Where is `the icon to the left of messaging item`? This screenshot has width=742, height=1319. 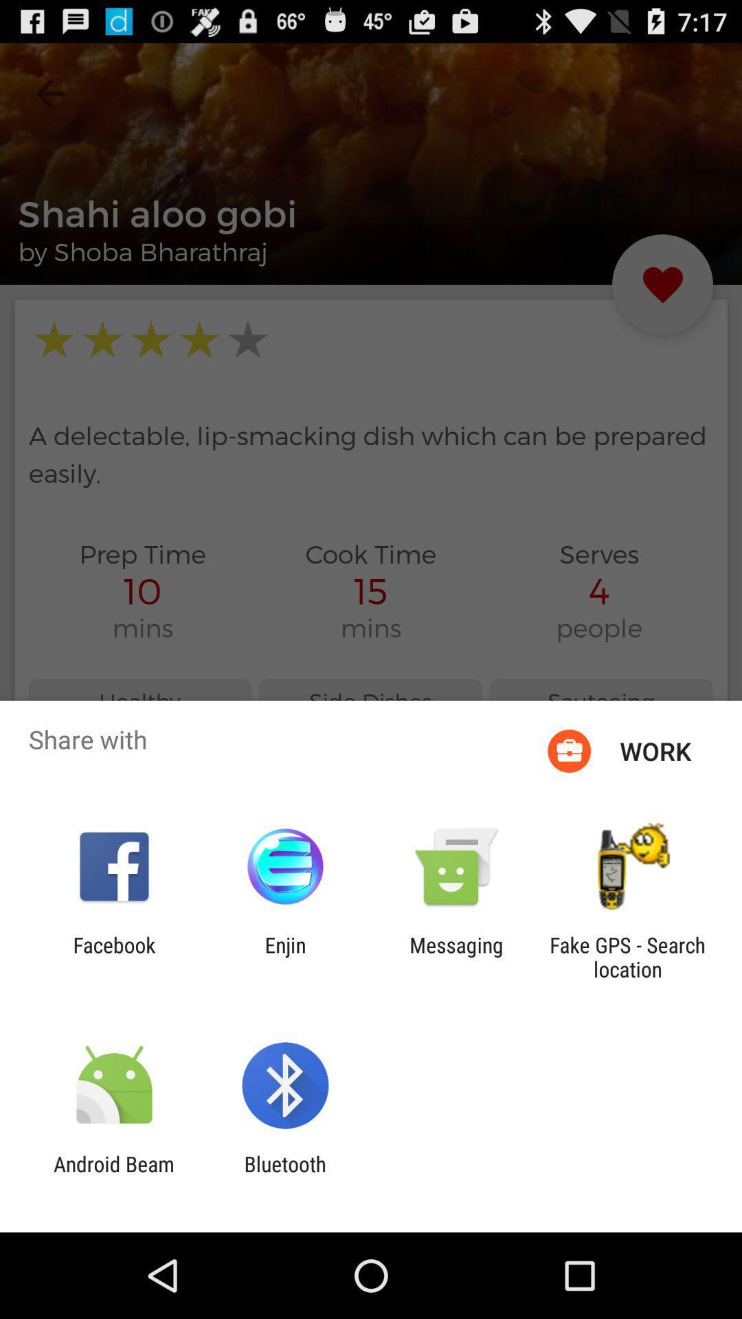 the icon to the left of messaging item is located at coordinates (284, 956).